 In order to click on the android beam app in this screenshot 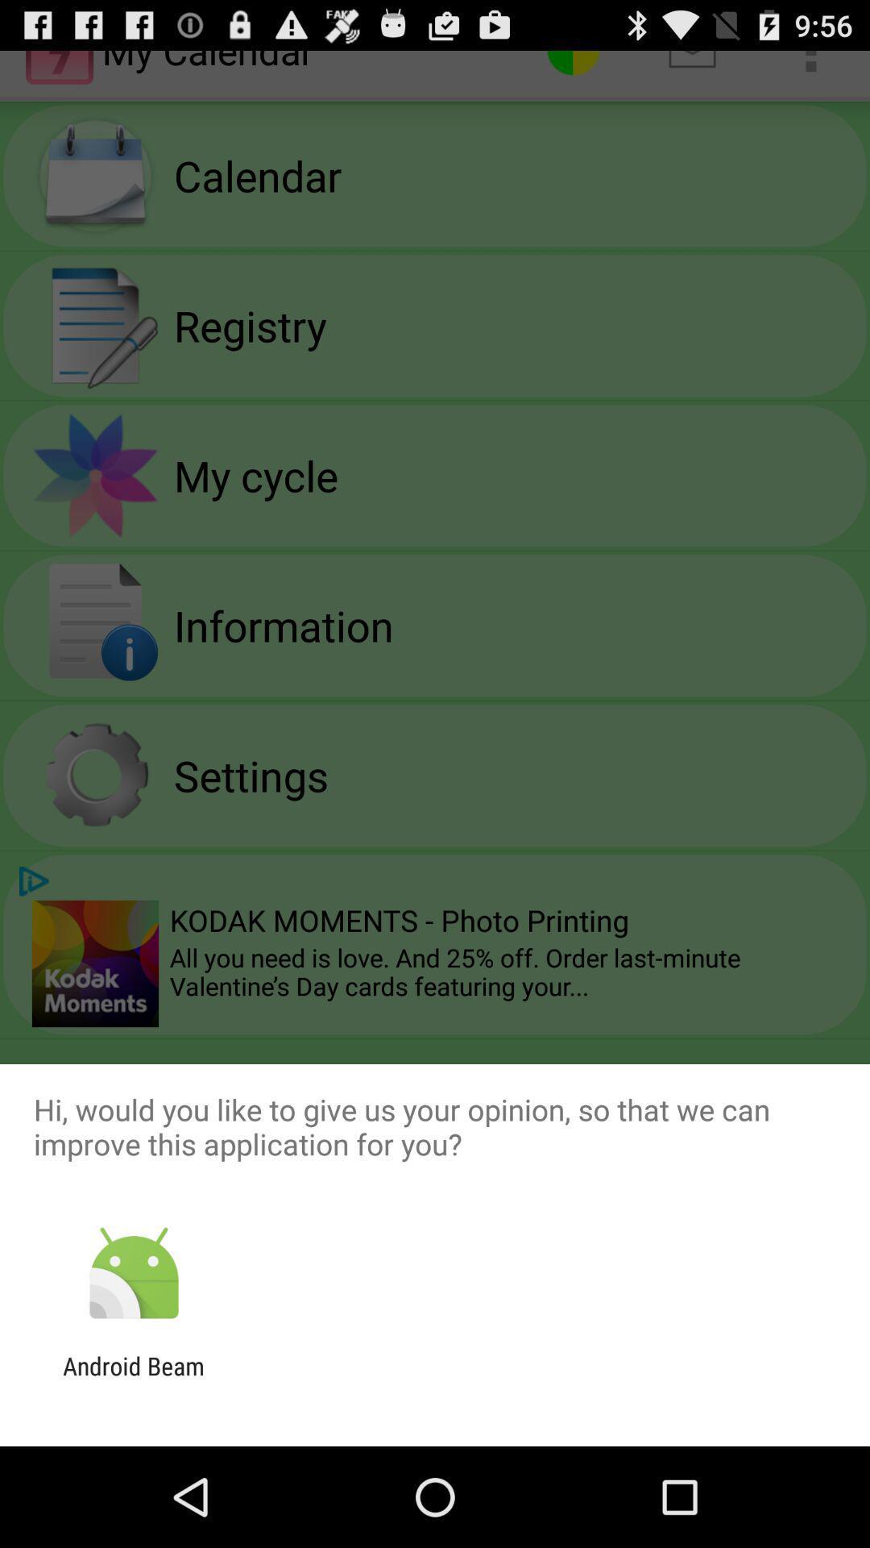, I will do `click(133, 1379)`.